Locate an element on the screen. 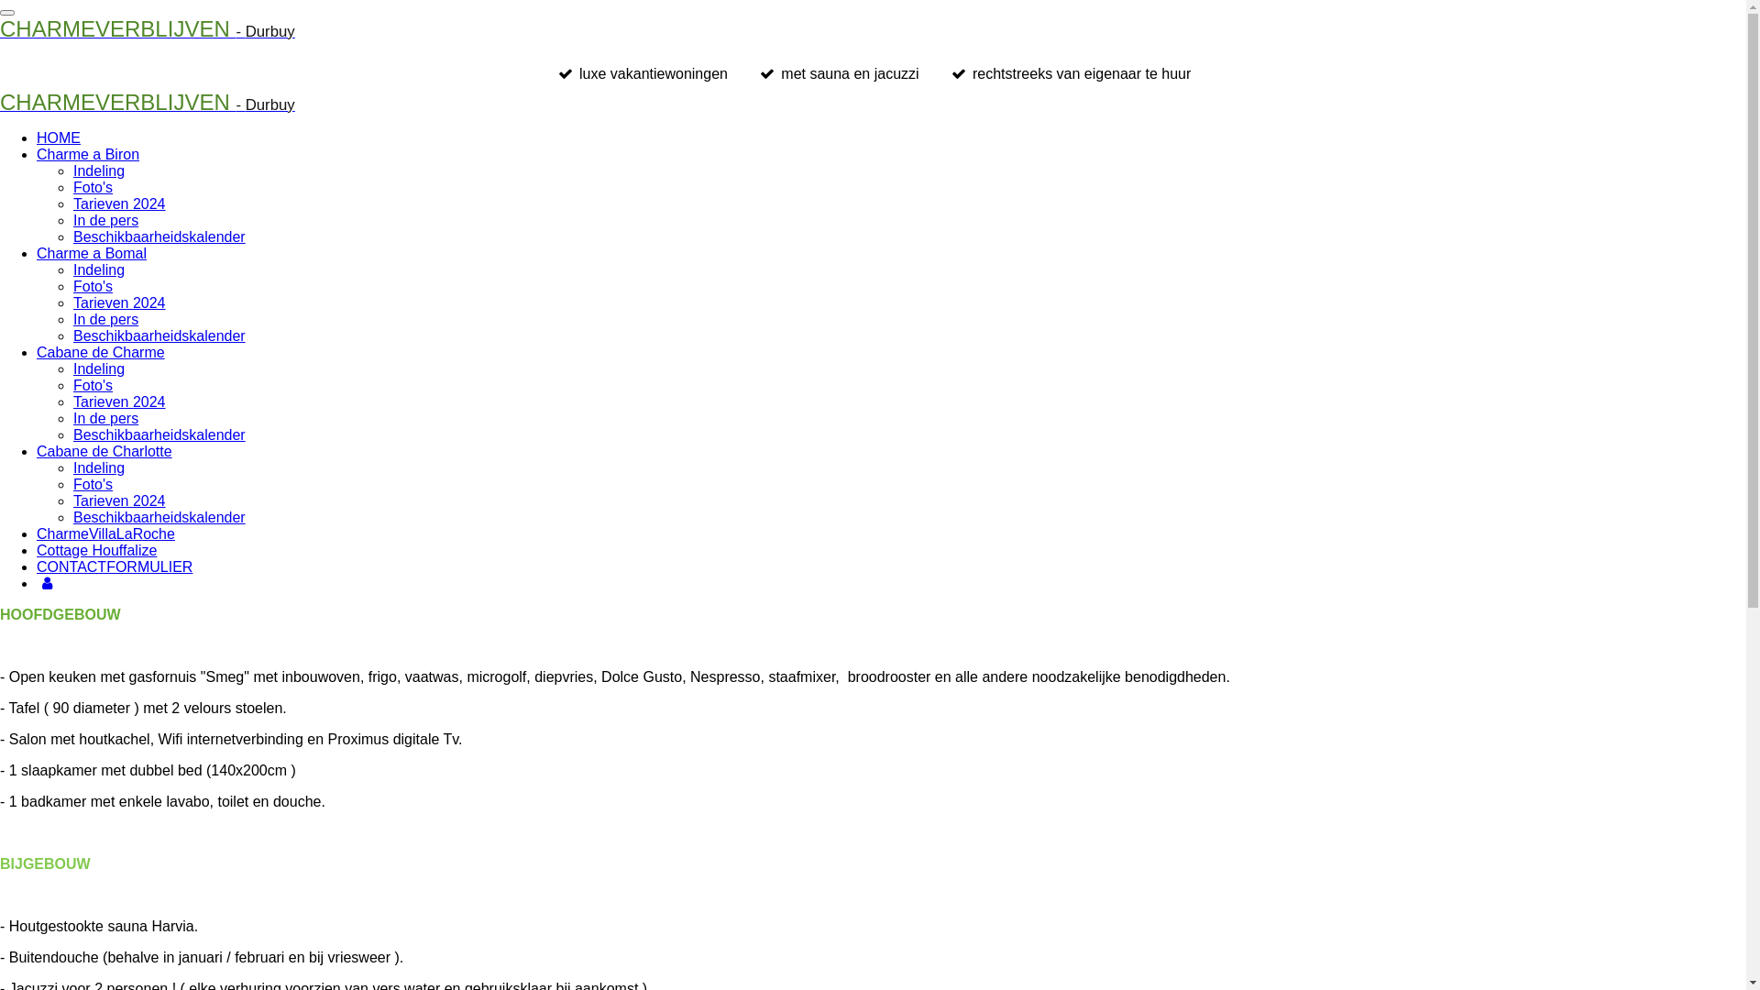 This screenshot has width=1760, height=990. 'Tarieven 2024' is located at coordinates (73, 500).